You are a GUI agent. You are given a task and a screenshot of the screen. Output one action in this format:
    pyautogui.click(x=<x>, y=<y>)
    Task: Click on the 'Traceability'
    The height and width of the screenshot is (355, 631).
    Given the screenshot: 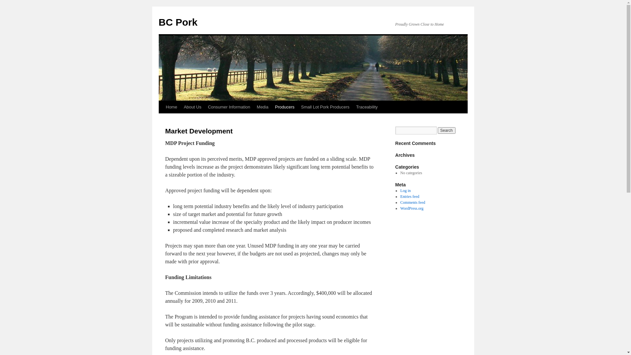 What is the action you would take?
    pyautogui.click(x=366, y=107)
    